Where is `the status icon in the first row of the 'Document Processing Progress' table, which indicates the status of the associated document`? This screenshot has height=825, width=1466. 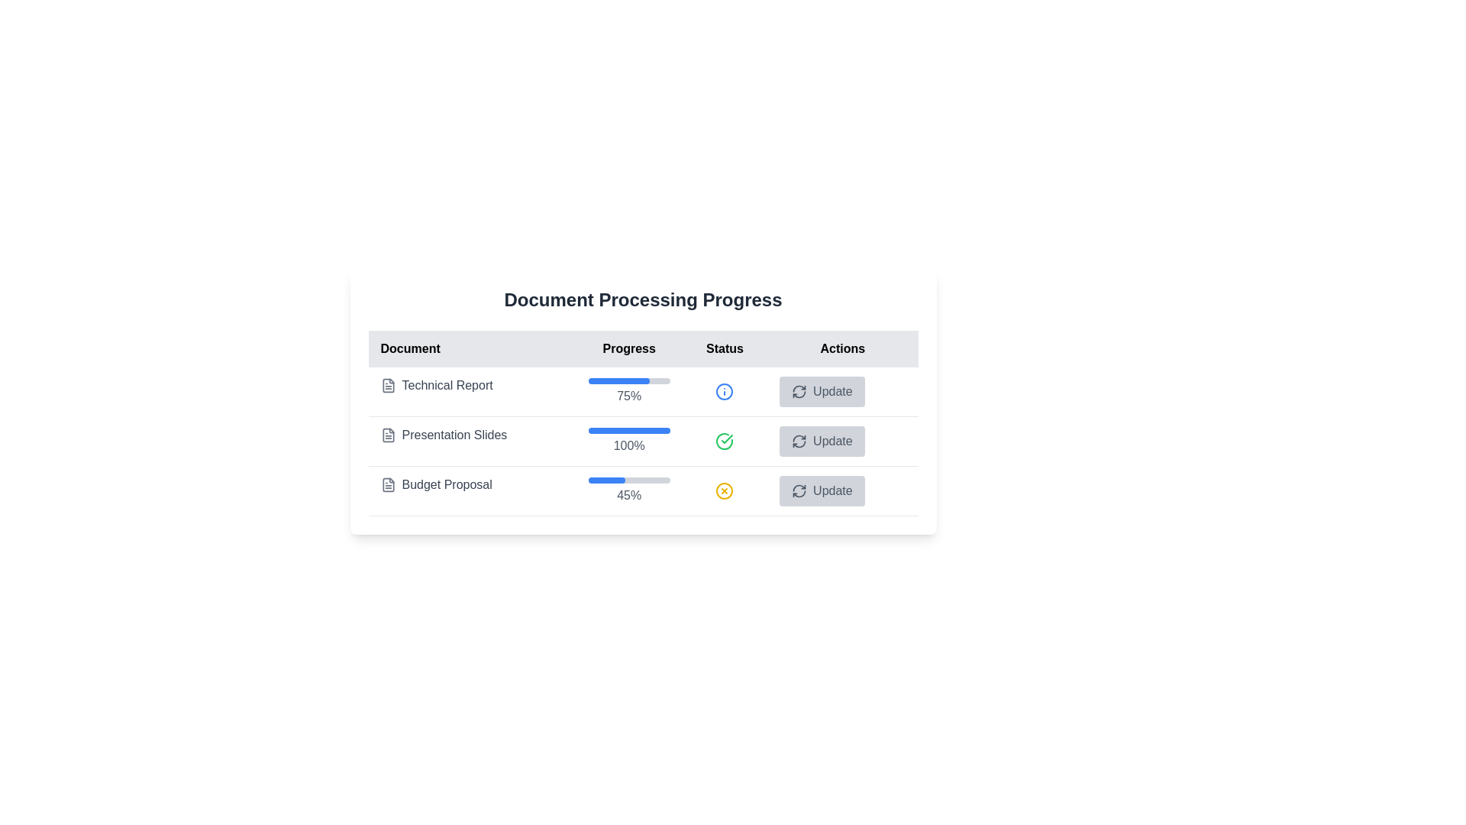
the status icon in the first row of the 'Document Processing Progress' table, which indicates the status of the associated document is located at coordinates (724, 391).